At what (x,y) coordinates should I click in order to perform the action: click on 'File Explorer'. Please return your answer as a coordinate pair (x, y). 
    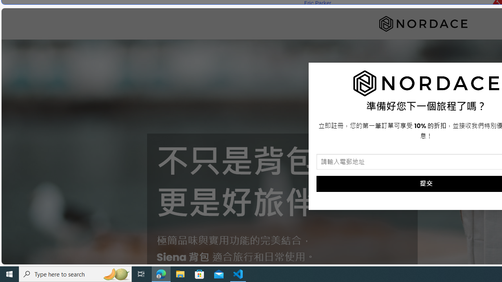
    Looking at the image, I should click on (180, 273).